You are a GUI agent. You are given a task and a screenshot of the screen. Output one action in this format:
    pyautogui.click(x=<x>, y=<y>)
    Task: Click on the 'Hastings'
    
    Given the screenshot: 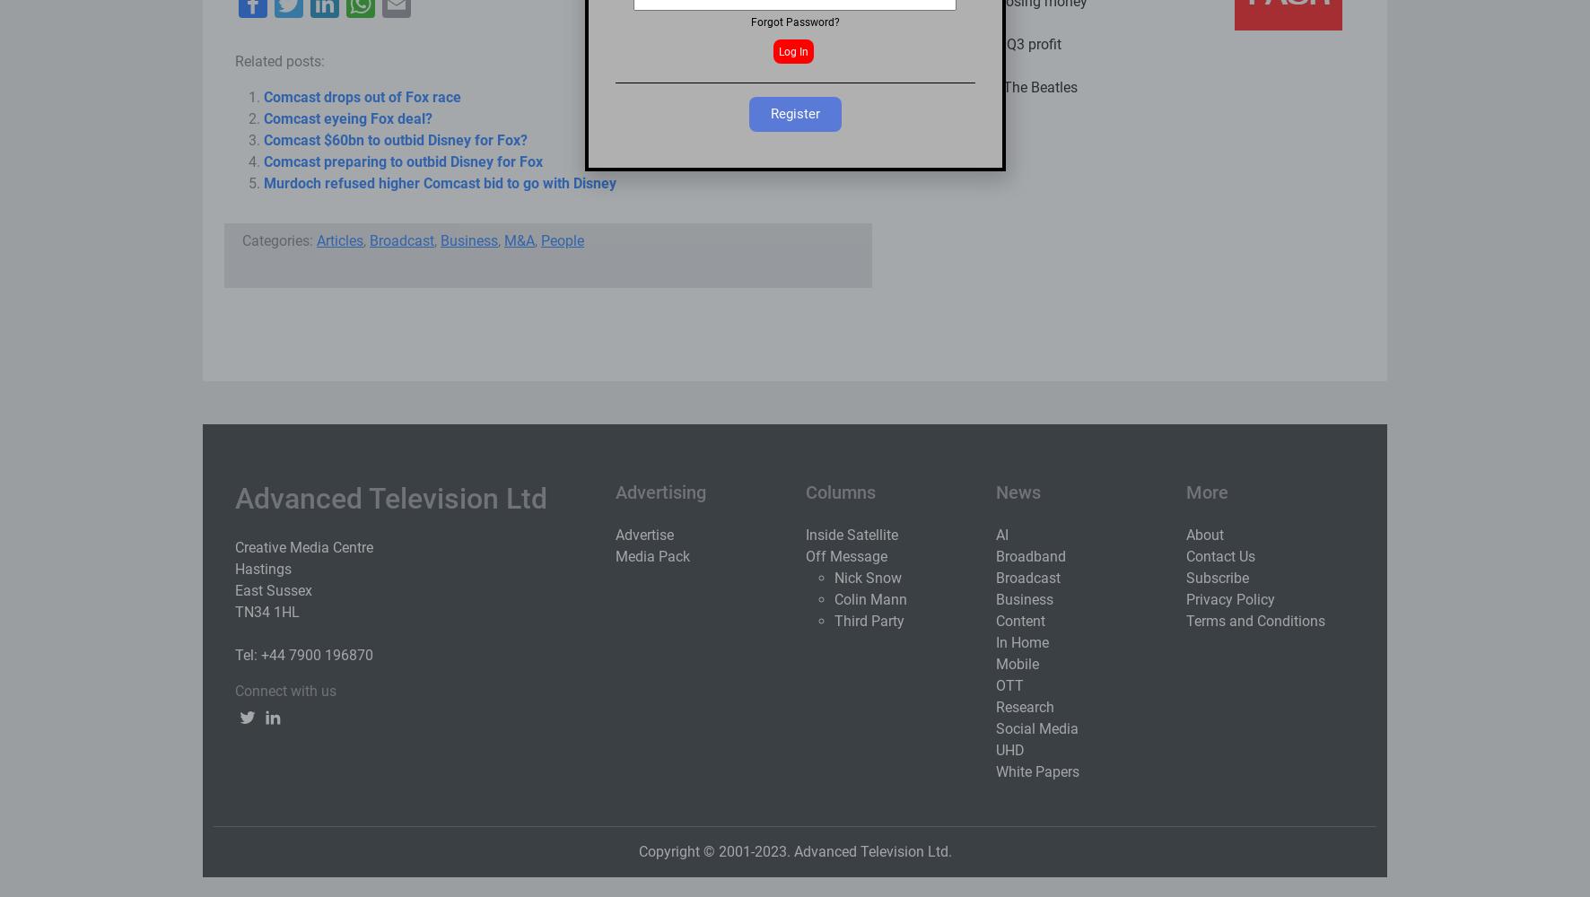 What is the action you would take?
    pyautogui.click(x=234, y=569)
    